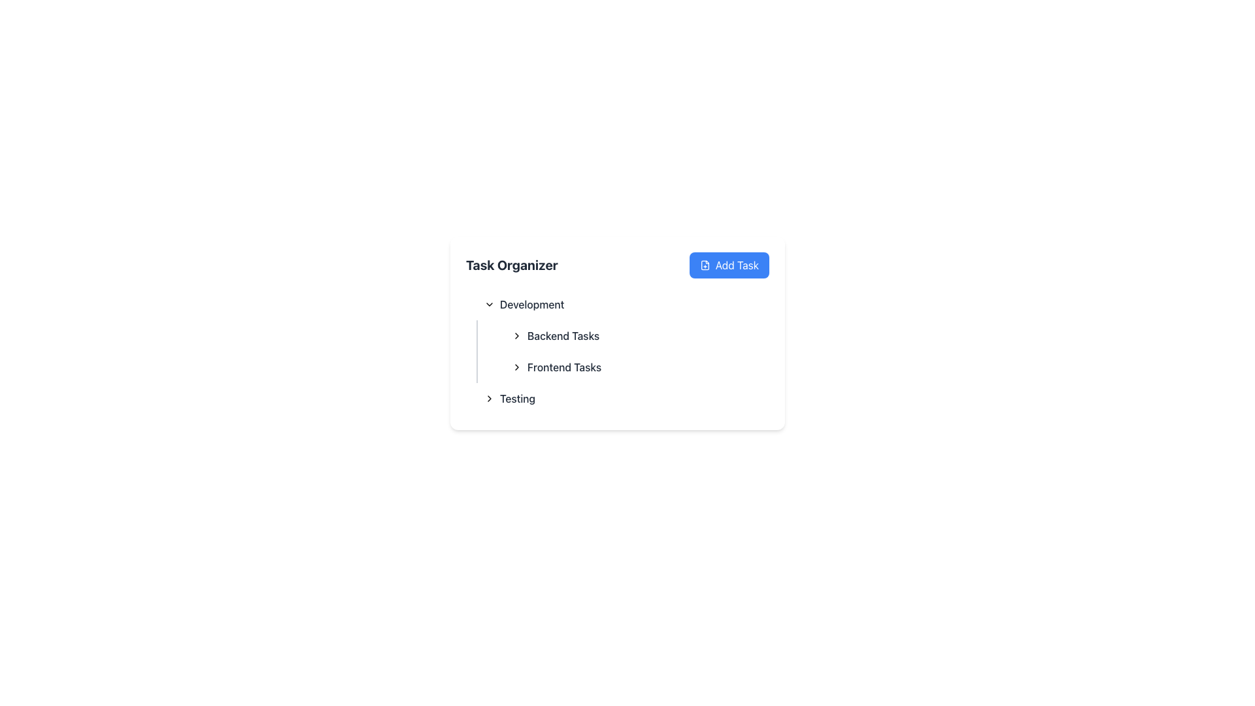 The width and height of the screenshot is (1255, 706). What do you see at coordinates (622, 305) in the screenshot?
I see `the Interactive Header labeled 'Development' for keyboard navigation` at bounding box center [622, 305].